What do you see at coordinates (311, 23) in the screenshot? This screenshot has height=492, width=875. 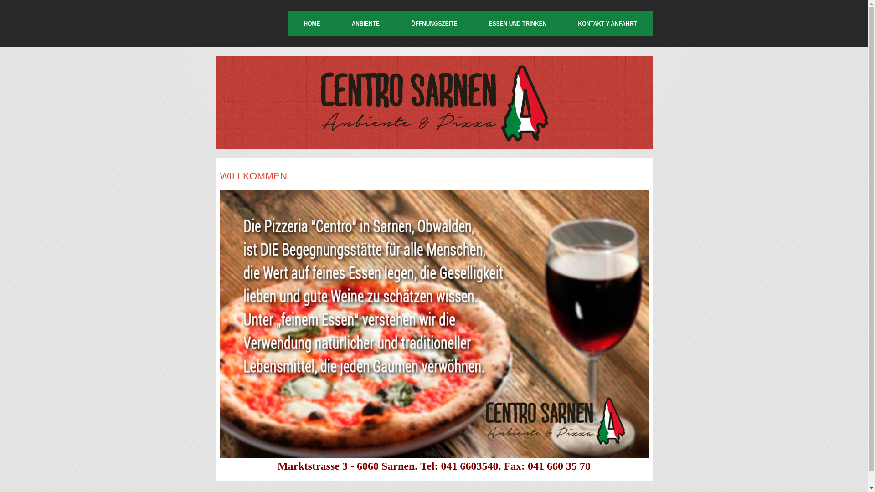 I see `'HOME'` at bounding box center [311, 23].